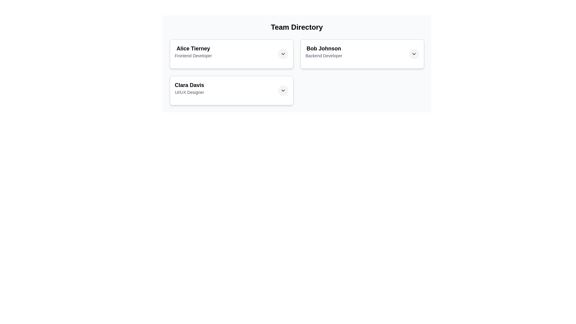 This screenshot has width=576, height=324. What do you see at coordinates (189, 92) in the screenshot?
I see `the static text label 'UI/UX Designer' located below the bold text 'Clara Davis' in the bottom-left portion of the card` at bounding box center [189, 92].